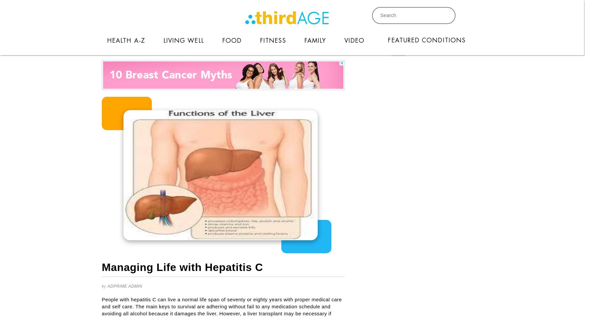 The width and height of the screenshot is (589, 317). What do you see at coordinates (183, 40) in the screenshot?
I see `'Living Well'` at bounding box center [183, 40].